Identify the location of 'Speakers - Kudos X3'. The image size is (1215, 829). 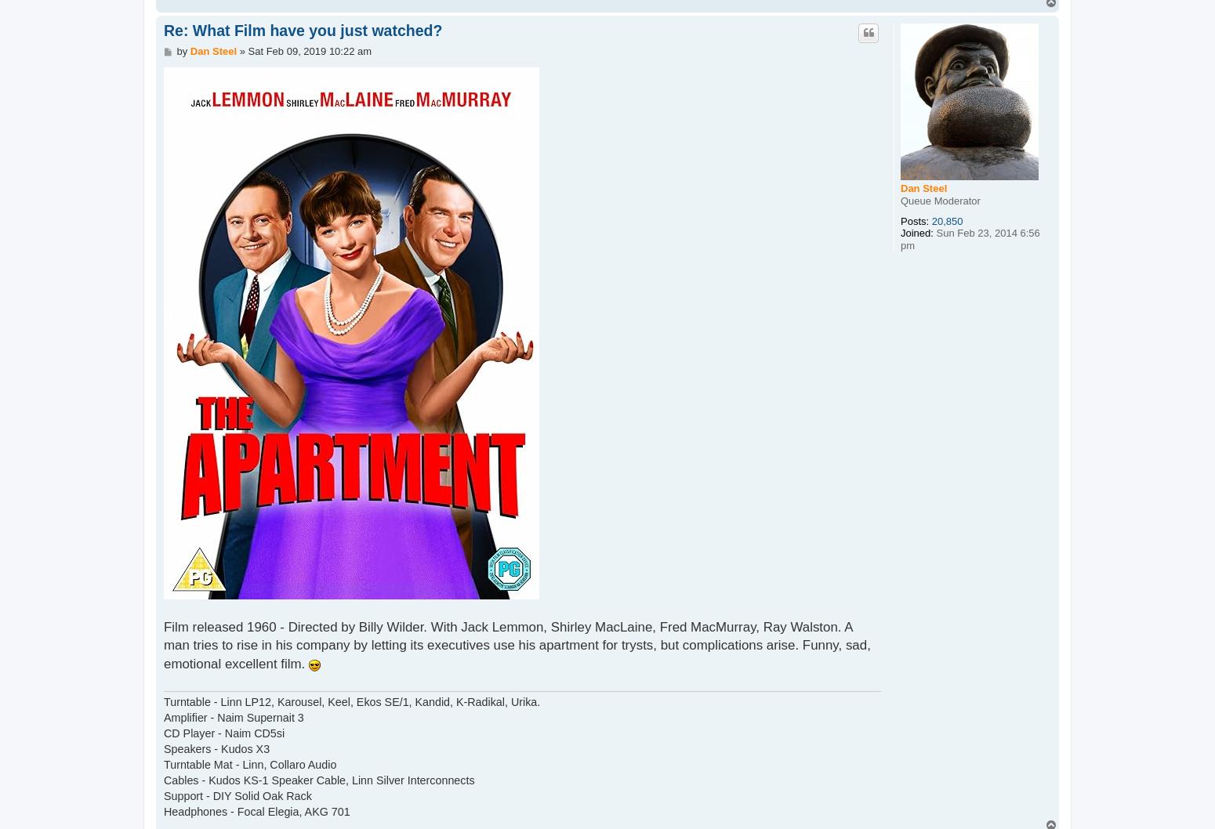
(216, 748).